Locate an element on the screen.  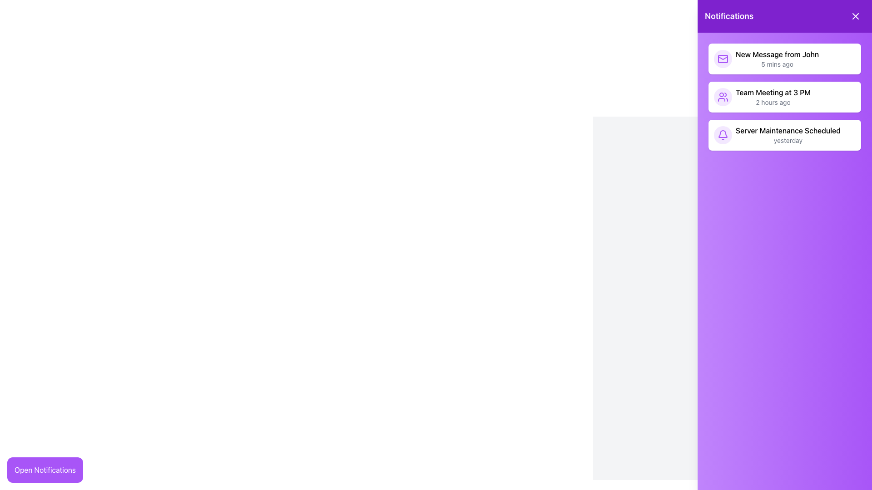
text 'Server Maintenance Scheduled' which is the primary text in the last notification item within a purple notification panel is located at coordinates (788, 131).